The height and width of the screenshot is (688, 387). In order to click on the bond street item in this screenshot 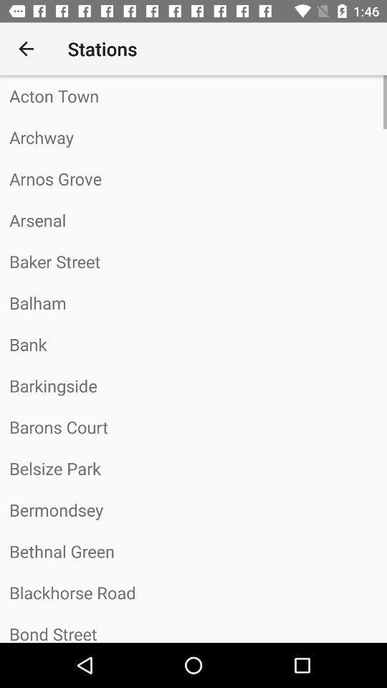, I will do `click(193, 627)`.